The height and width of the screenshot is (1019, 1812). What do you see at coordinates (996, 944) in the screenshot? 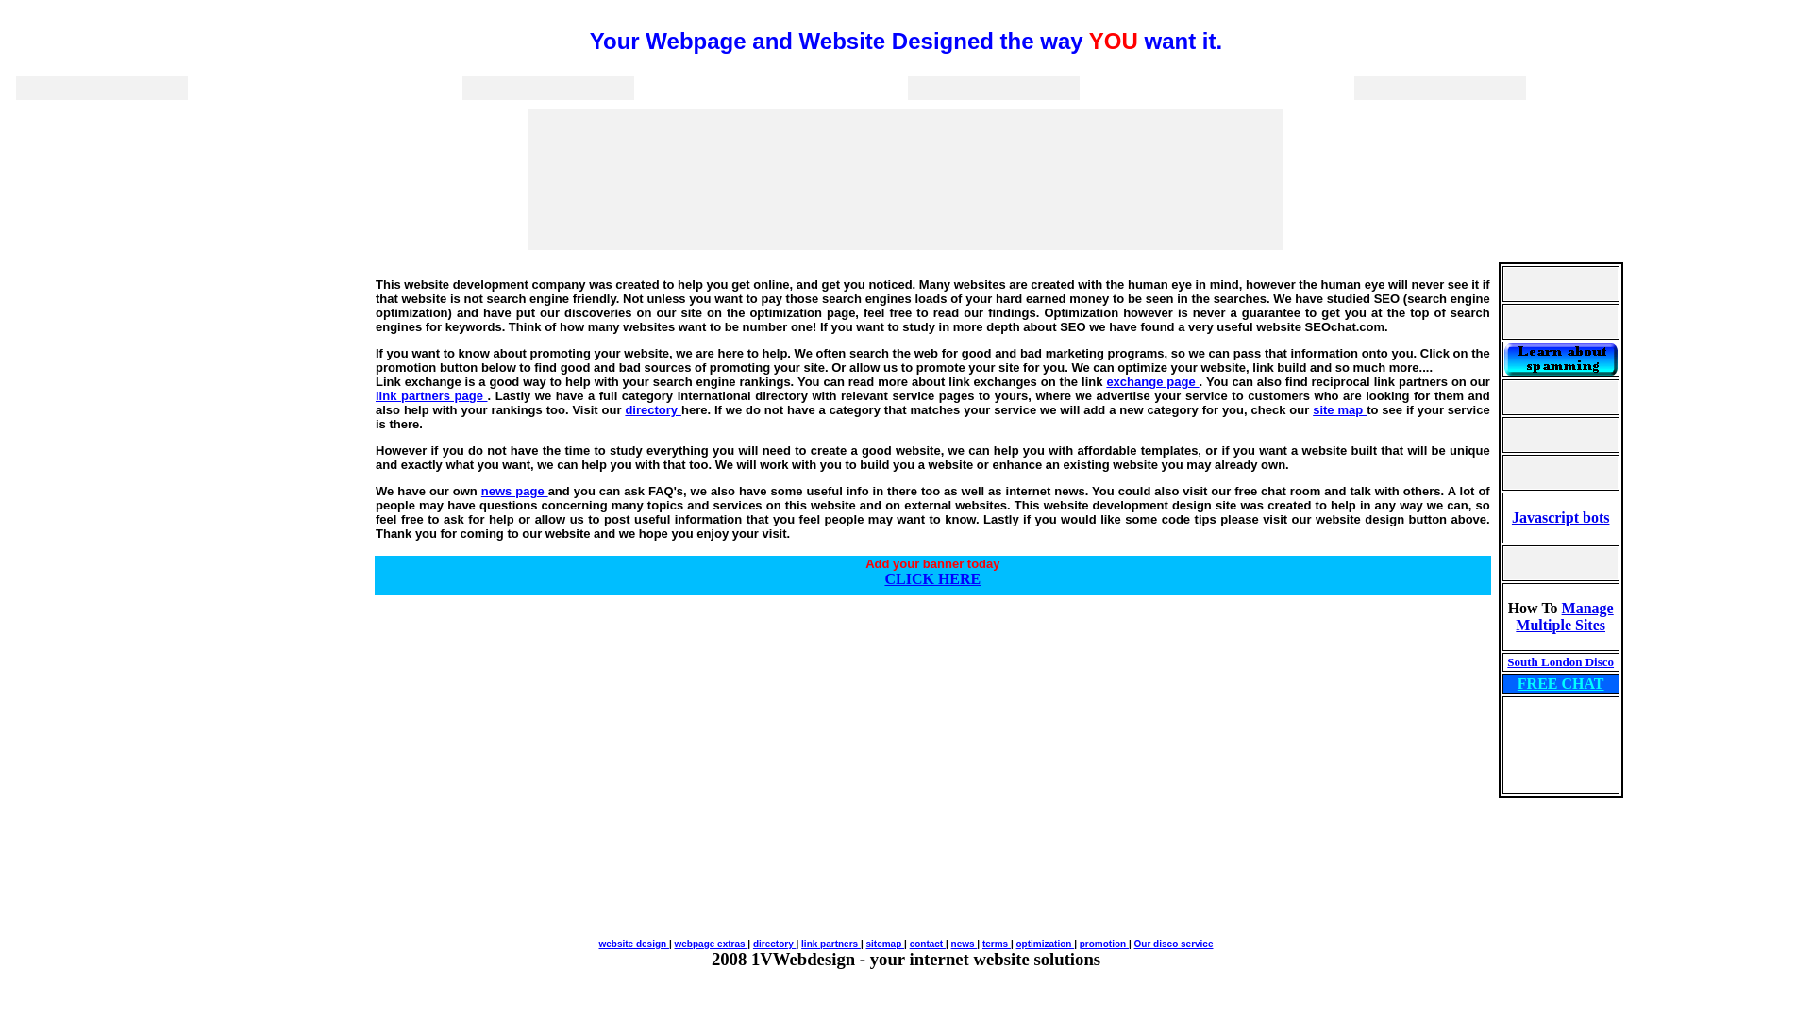
I see `'terms'` at bounding box center [996, 944].